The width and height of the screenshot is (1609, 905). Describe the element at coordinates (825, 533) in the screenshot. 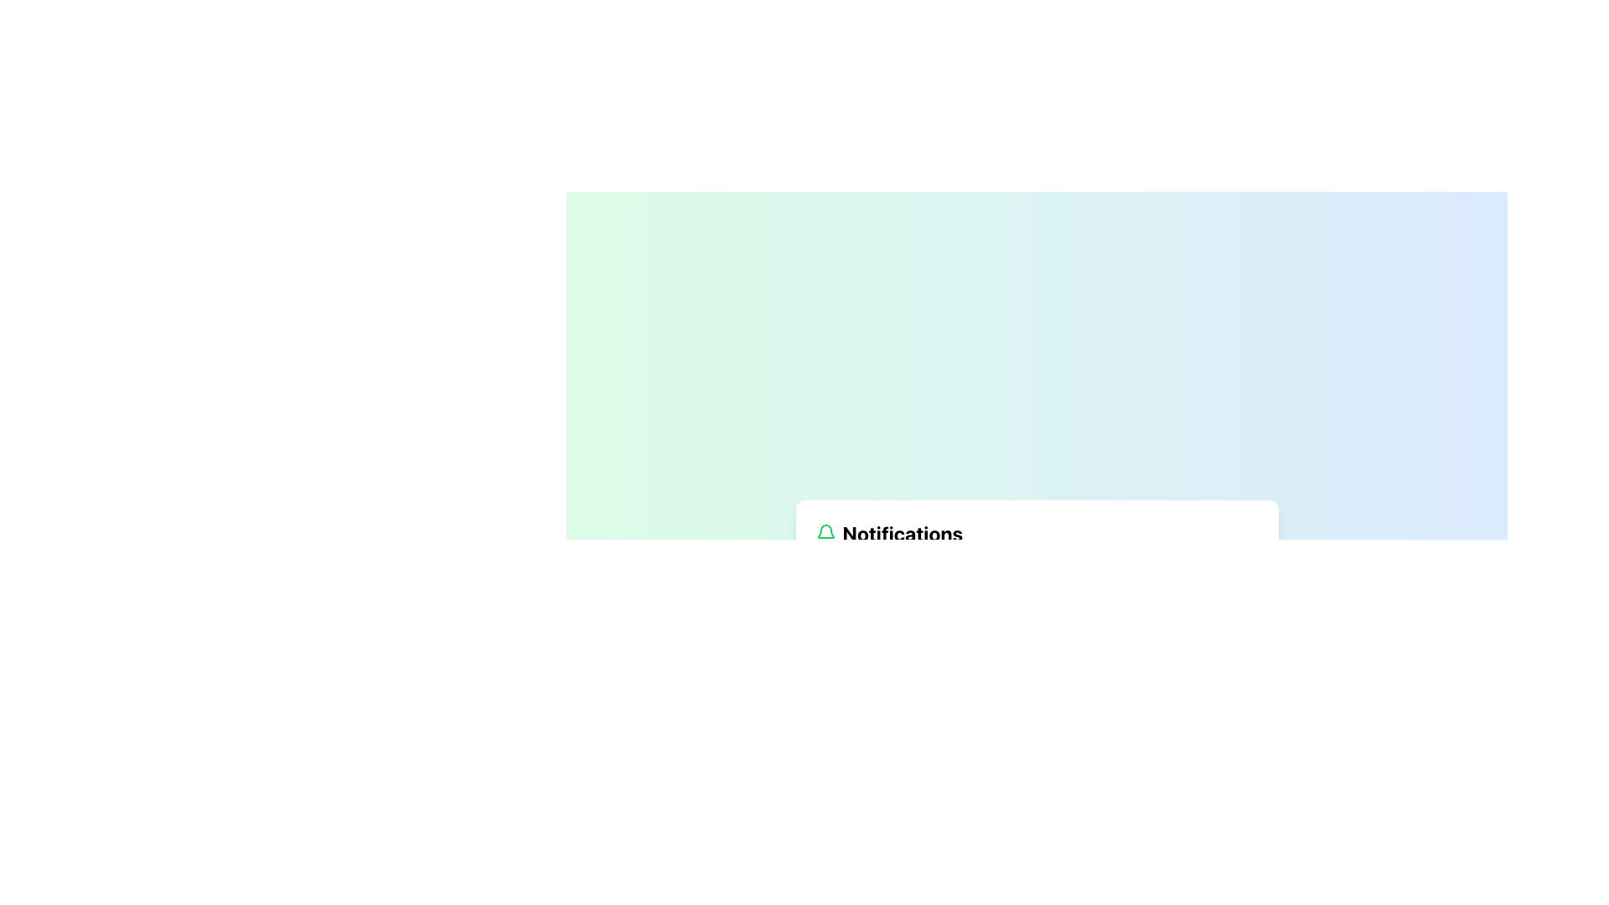

I see `the green bell icon representing notifications, located to the left of the 'Notifications' text` at that location.